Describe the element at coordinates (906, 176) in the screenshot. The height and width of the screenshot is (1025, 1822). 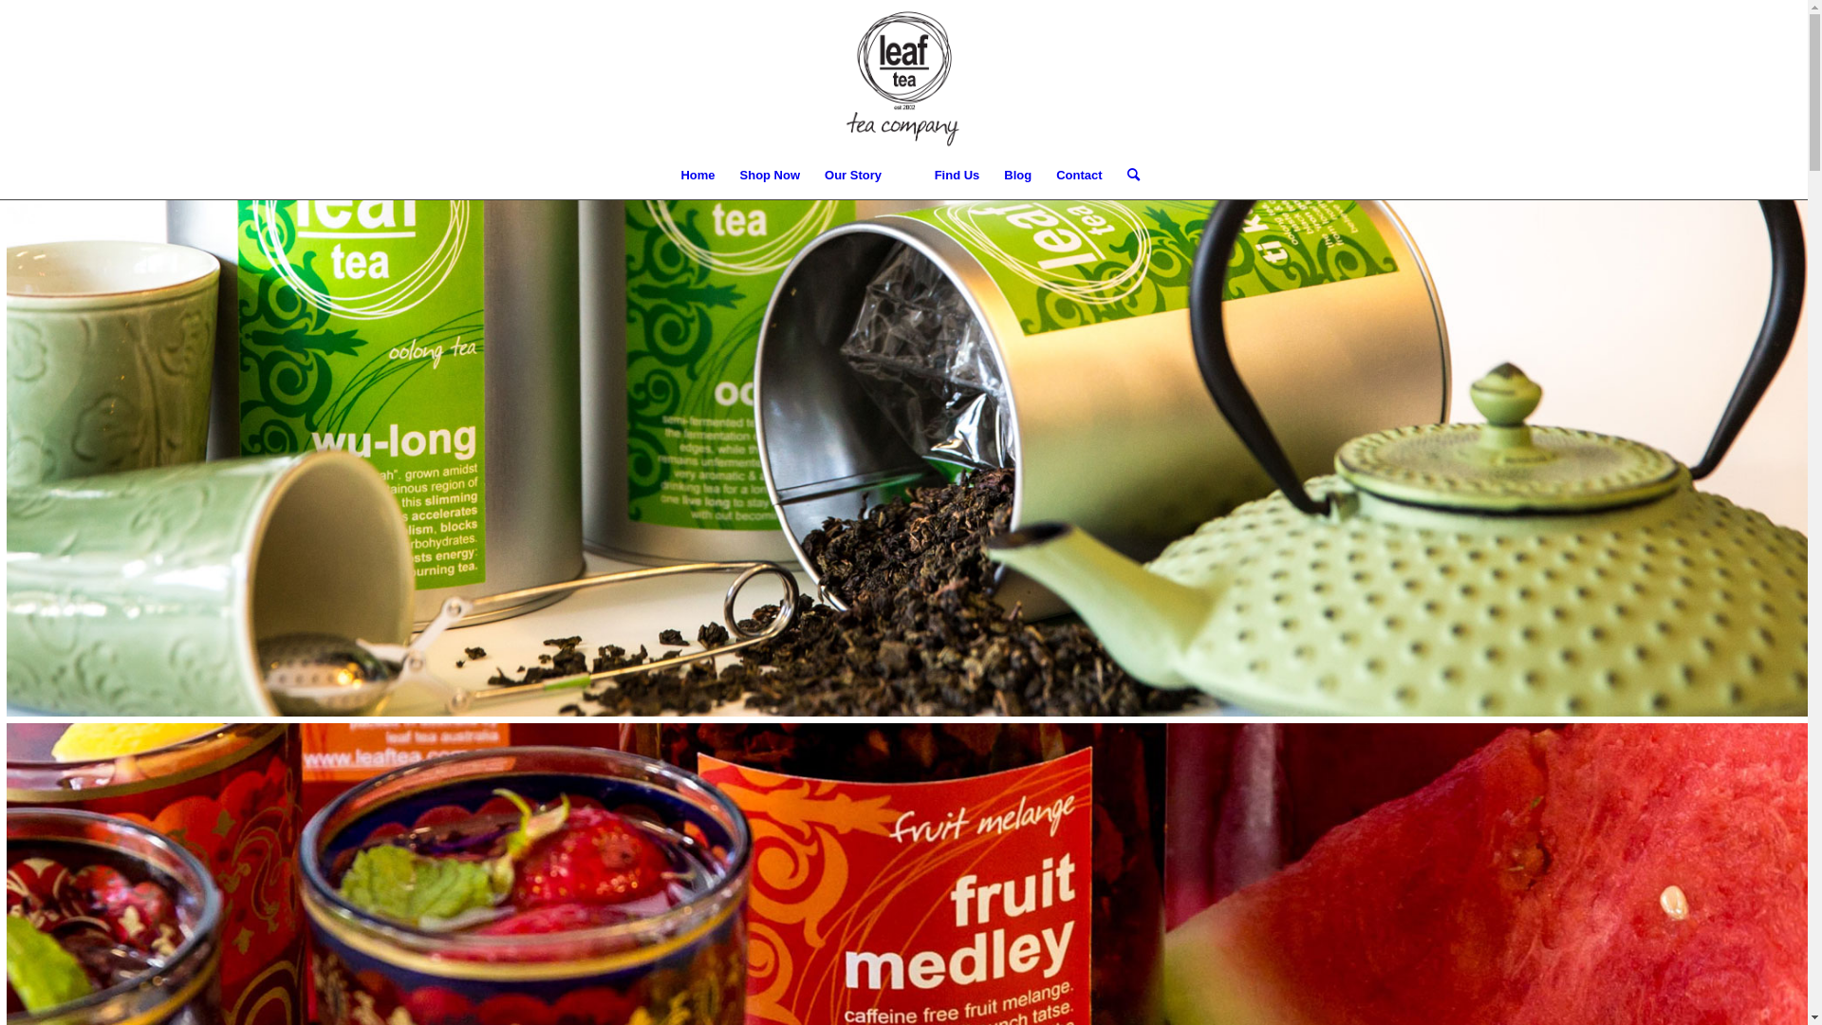
I see `' '` at that location.